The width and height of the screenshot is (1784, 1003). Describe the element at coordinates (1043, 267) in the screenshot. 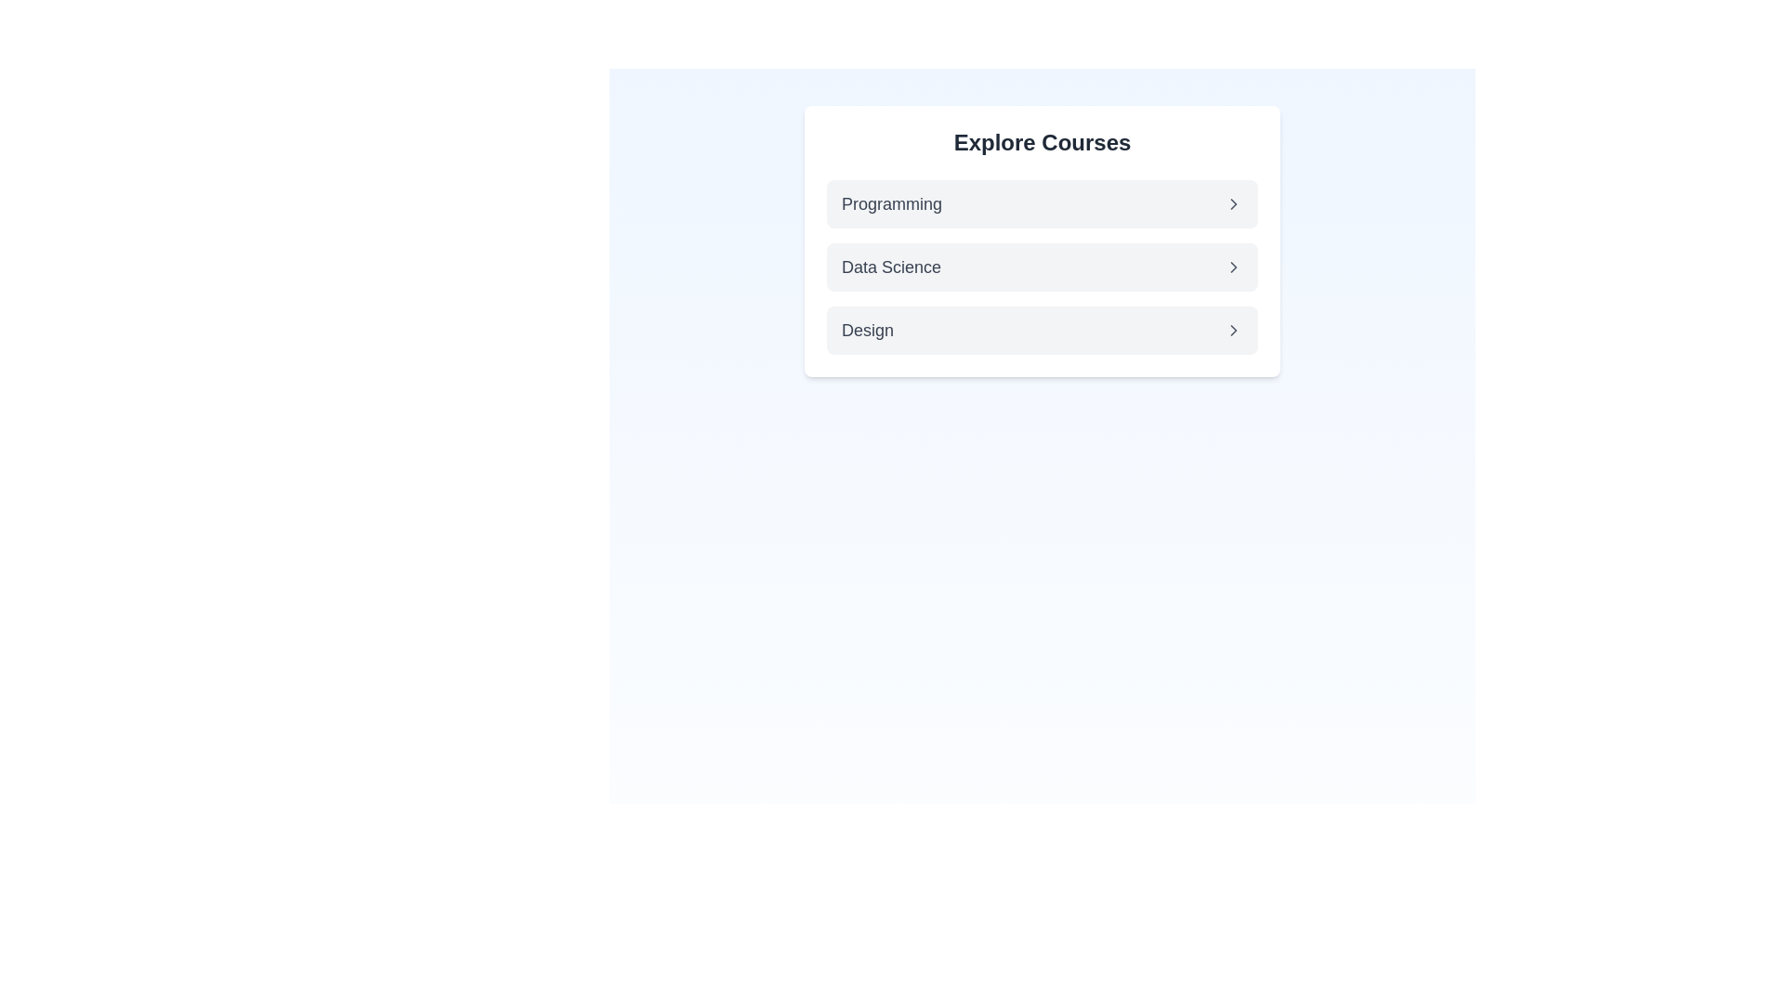

I see `the 'Data Science' menu item, which is the second item in the vertical list within the 'Explore Courses' card UI` at that location.